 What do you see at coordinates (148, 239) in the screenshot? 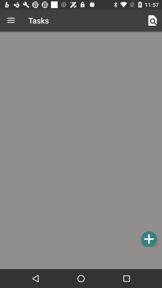
I see `the add icon` at bounding box center [148, 239].